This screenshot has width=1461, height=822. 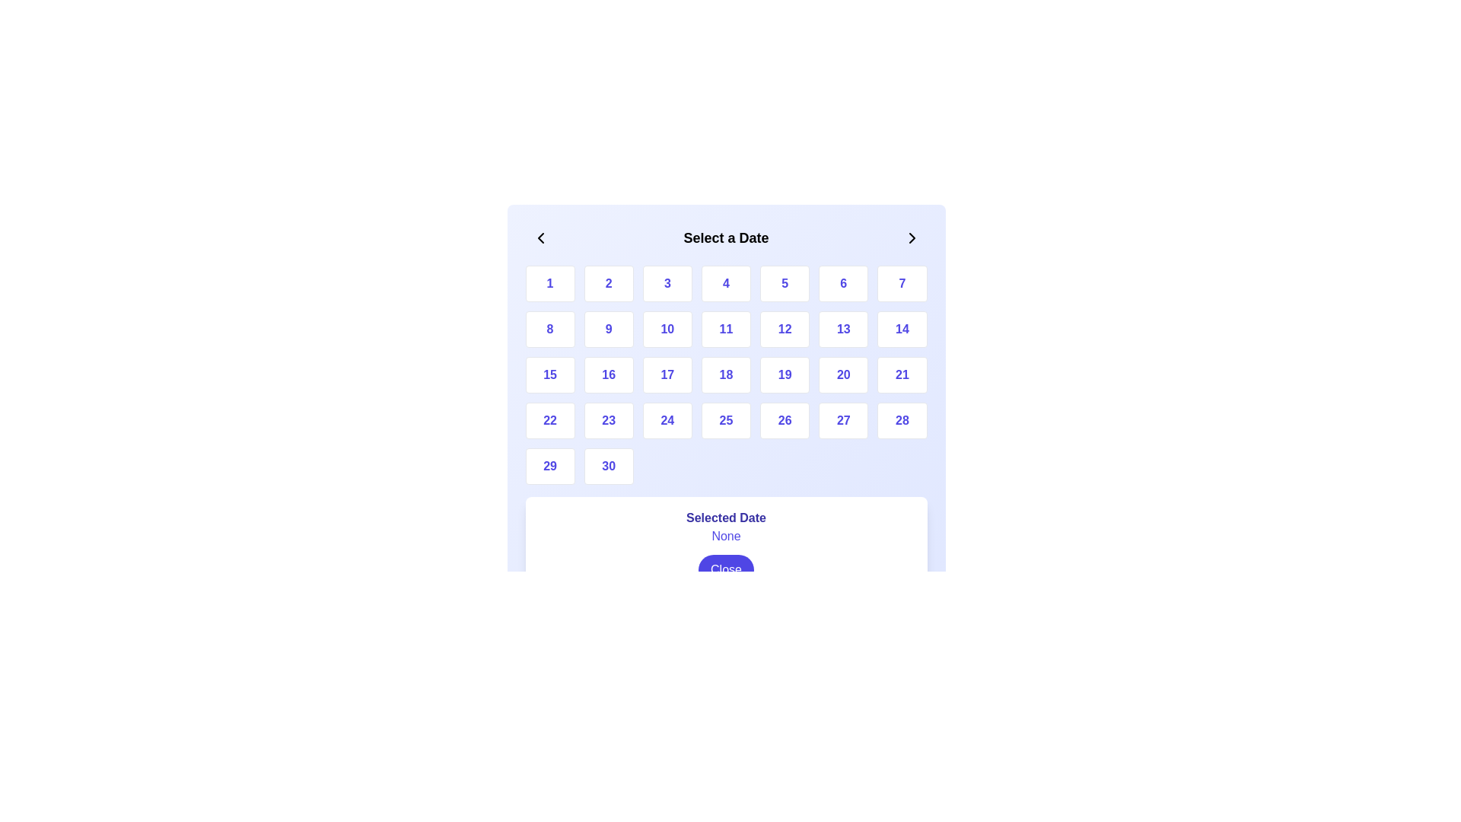 I want to click on the button labeled '20' in the calendar grid, located in the fourth row and sixth column, to trigger hover effects, so click(x=842, y=375).